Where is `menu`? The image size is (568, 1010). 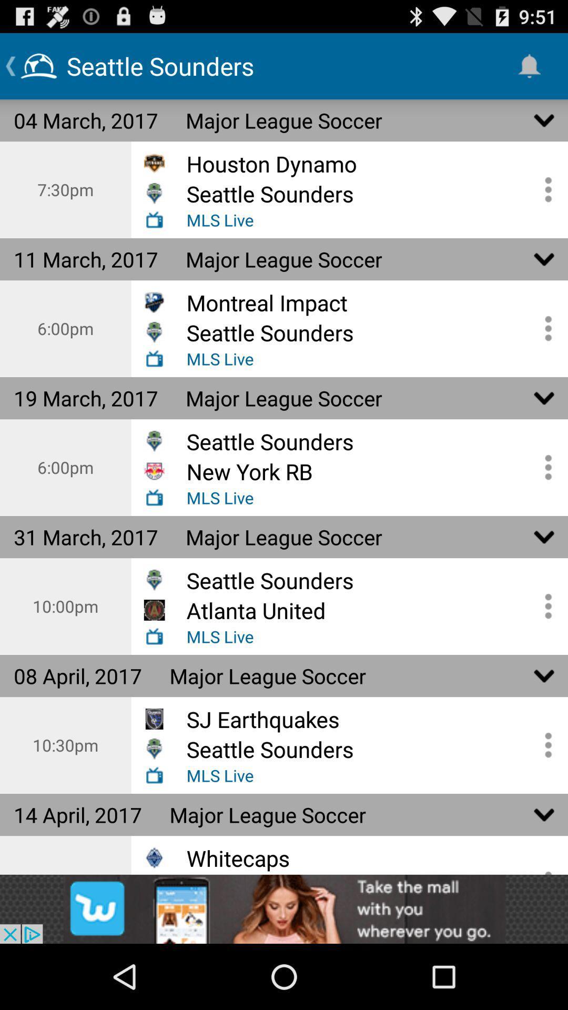 menu is located at coordinates (544, 744).